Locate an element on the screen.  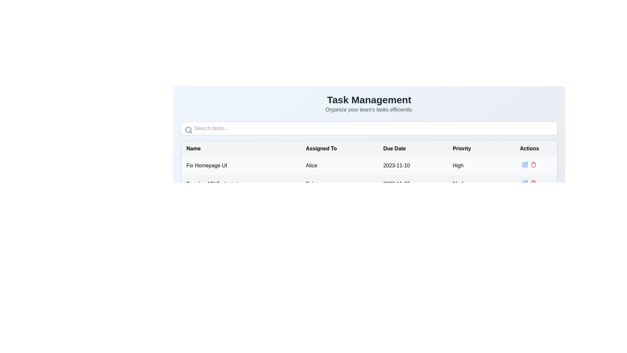
the circular outline of the magnifying glass icon located in the top-left corner of the search bar to indicate search functionality is located at coordinates (188, 130).